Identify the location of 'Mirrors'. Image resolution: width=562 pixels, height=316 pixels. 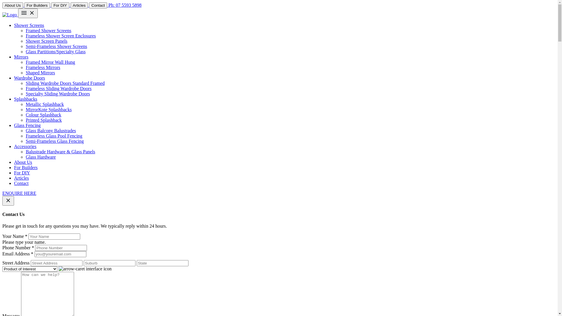
(14, 57).